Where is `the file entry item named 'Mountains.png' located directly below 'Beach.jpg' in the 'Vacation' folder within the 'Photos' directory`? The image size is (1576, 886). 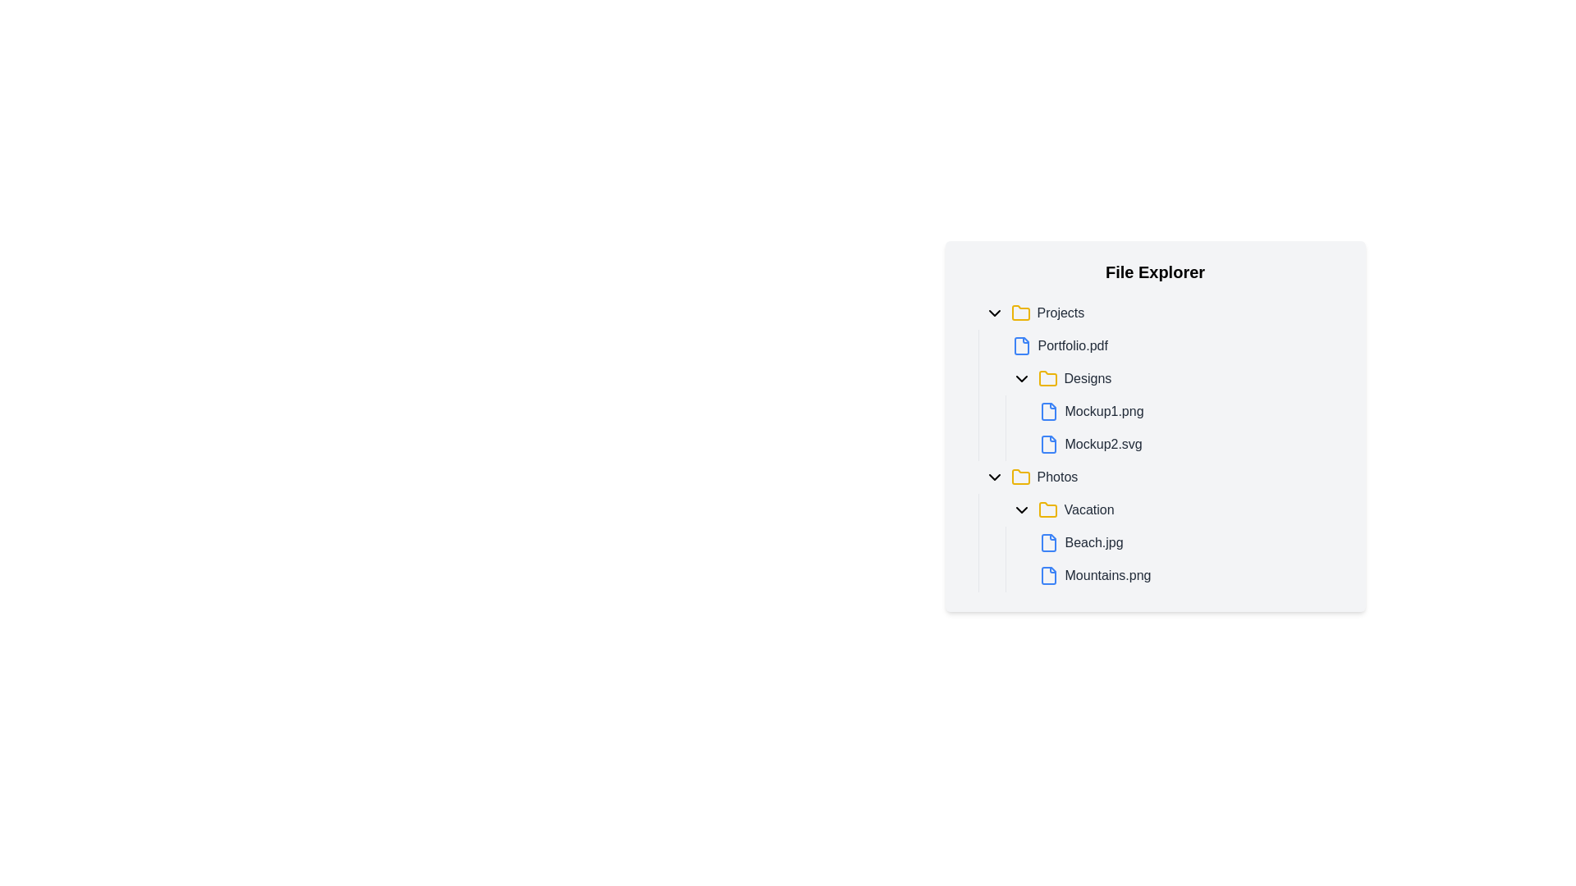 the file entry item named 'Mountains.png' located directly below 'Beach.jpg' in the 'Vacation' folder within the 'Photos' directory is located at coordinates (1189, 575).